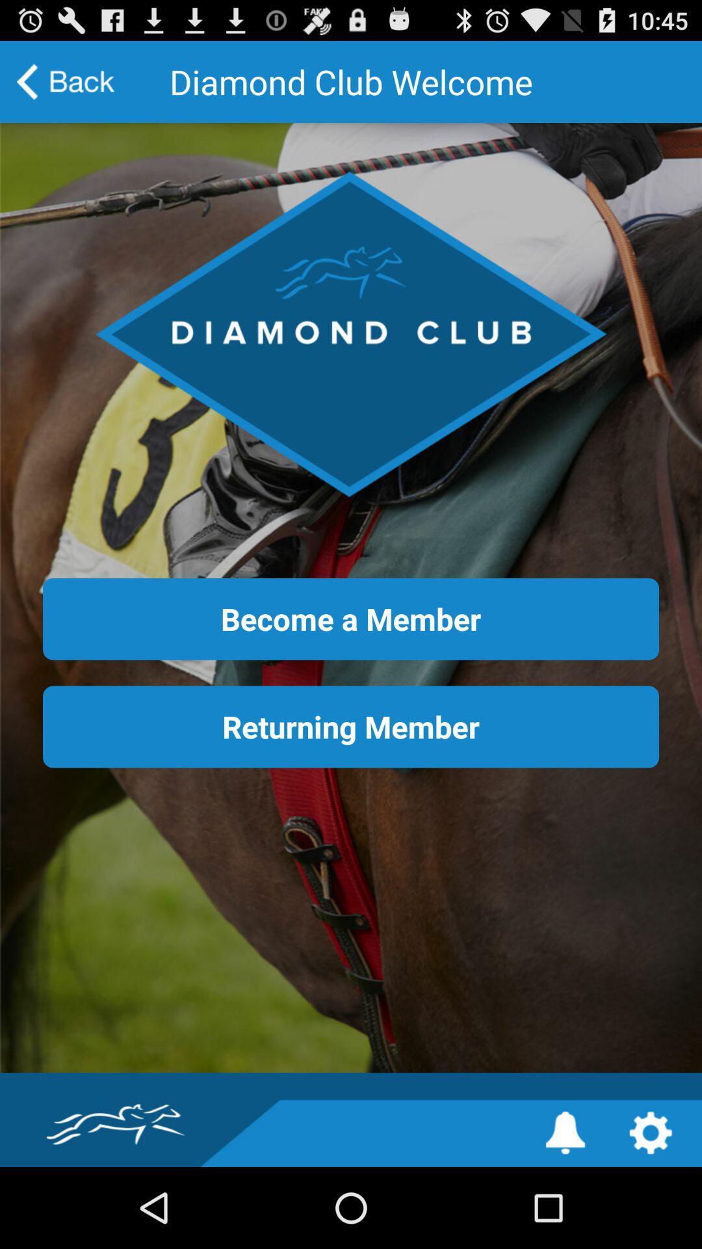  What do you see at coordinates (651, 1132) in the screenshot?
I see `settings the article` at bounding box center [651, 1132].